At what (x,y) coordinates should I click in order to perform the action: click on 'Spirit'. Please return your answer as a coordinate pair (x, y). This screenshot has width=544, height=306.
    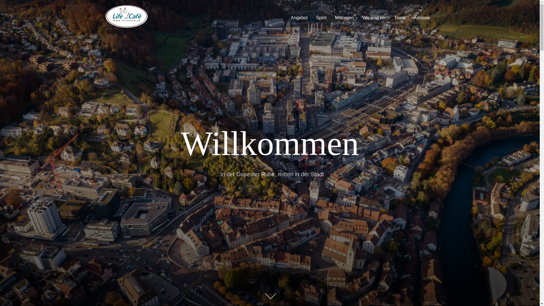
    Looking at the image, I should click on (321, 17).